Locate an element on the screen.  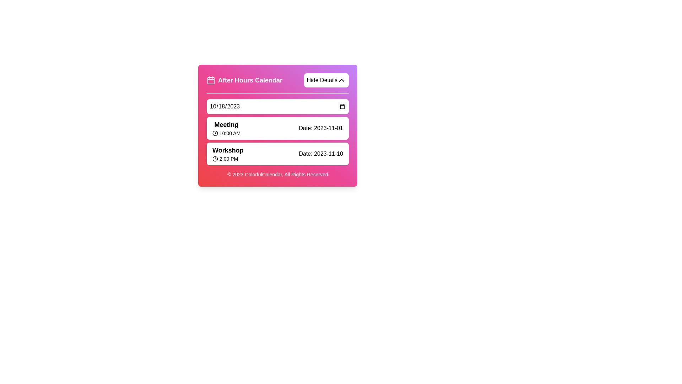
text 'After Hours Calendar' from the Label with icon in the header section of the calendar interface, which is located on the left side adjacent to the 'Hide Details' button is located at coordinates (244, 80).